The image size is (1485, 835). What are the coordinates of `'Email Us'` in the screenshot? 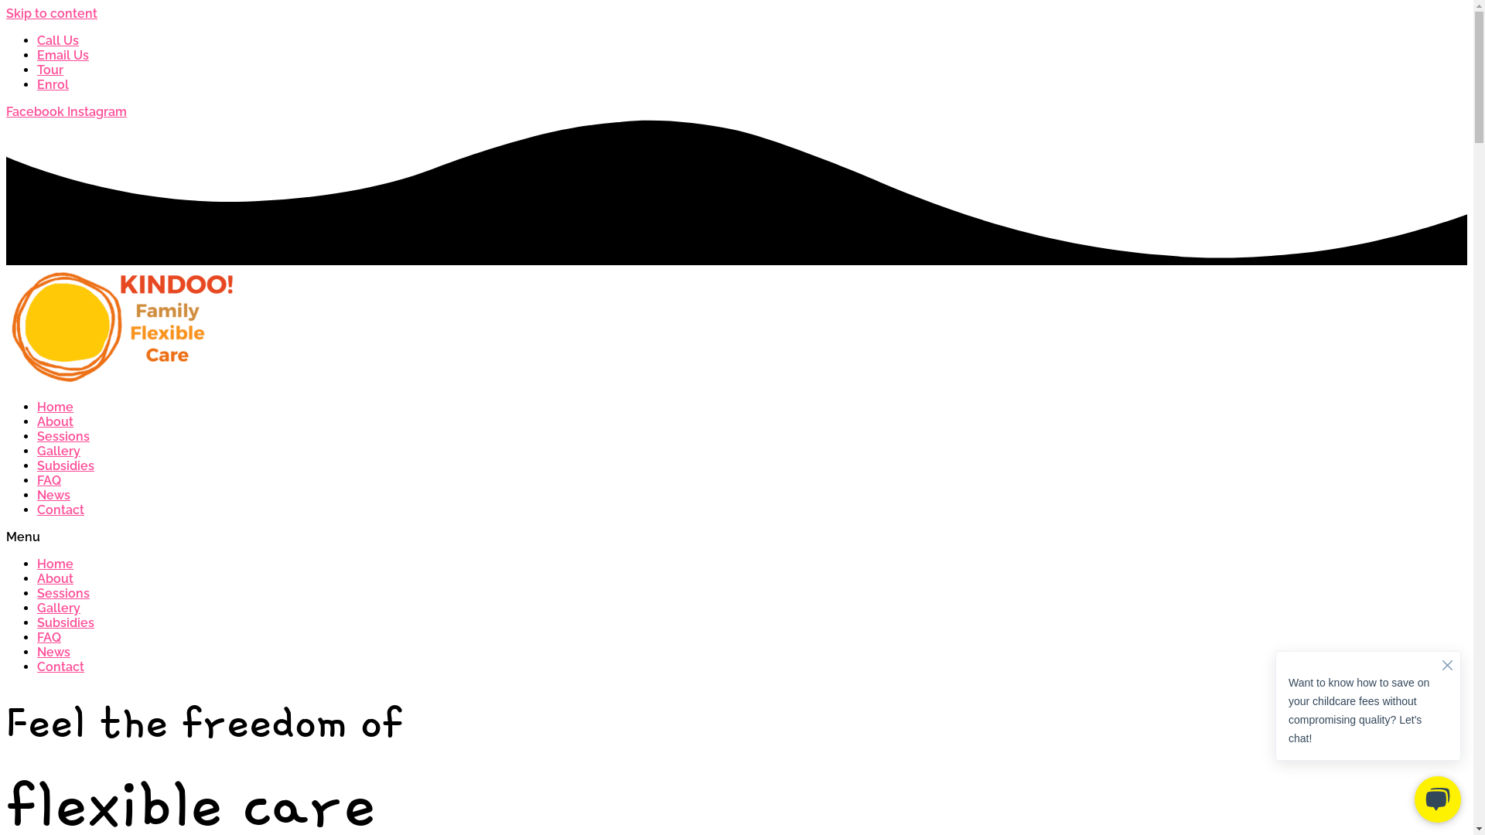 It's located at (62, 54).